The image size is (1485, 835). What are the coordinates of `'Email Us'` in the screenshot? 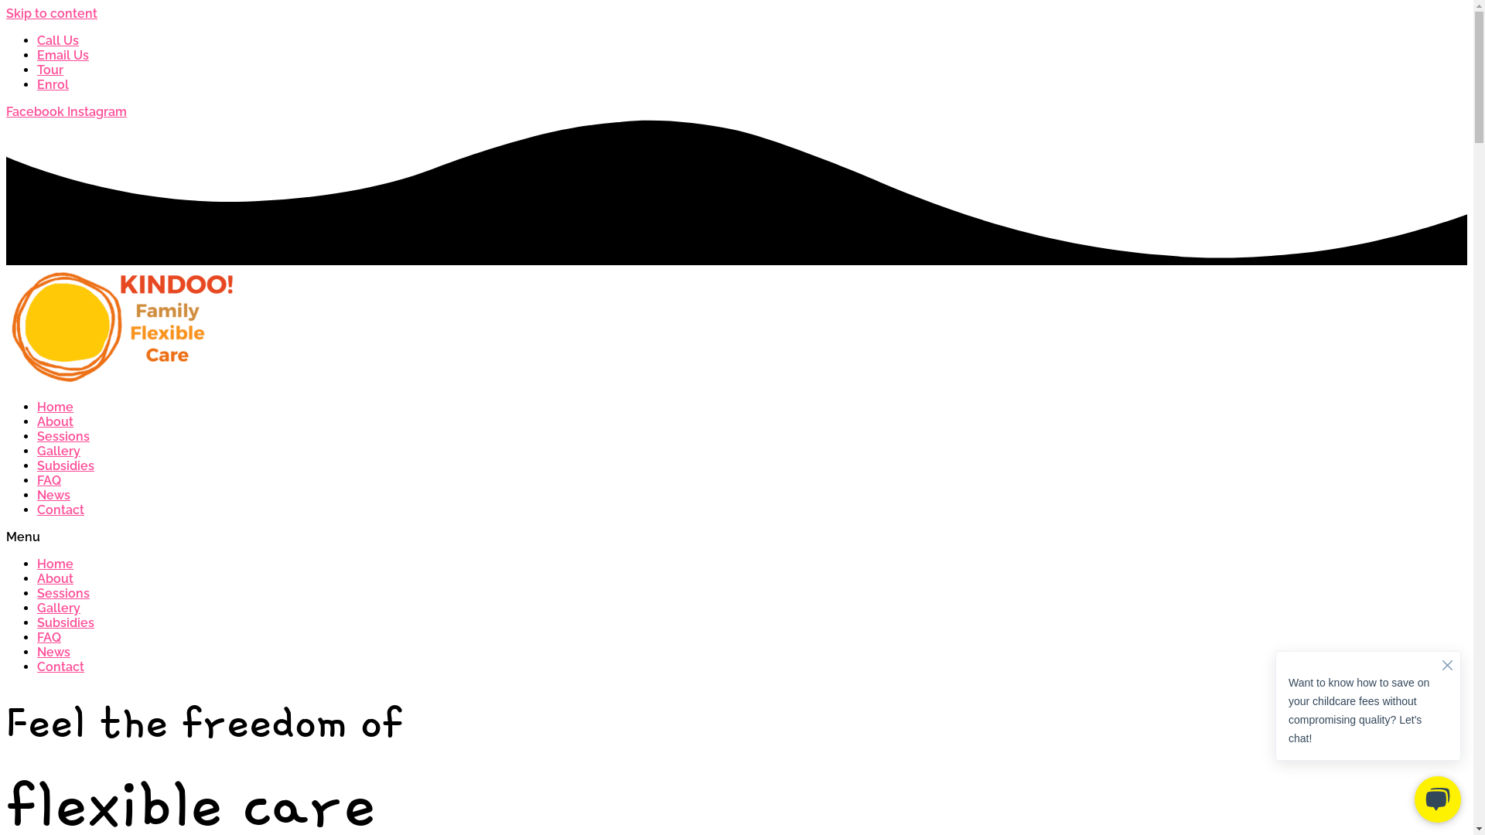 It's located at (62, 54).